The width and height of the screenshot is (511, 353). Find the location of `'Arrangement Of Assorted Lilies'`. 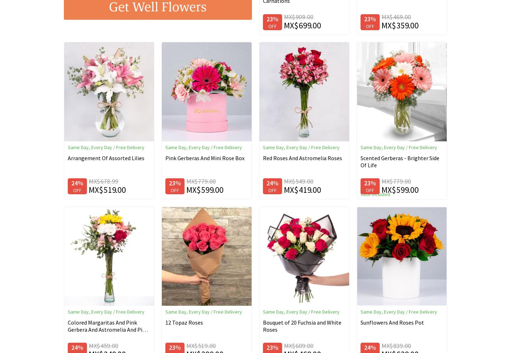

'Arrangement Of Assorted Lilies' is located at coordinates (105, 158).